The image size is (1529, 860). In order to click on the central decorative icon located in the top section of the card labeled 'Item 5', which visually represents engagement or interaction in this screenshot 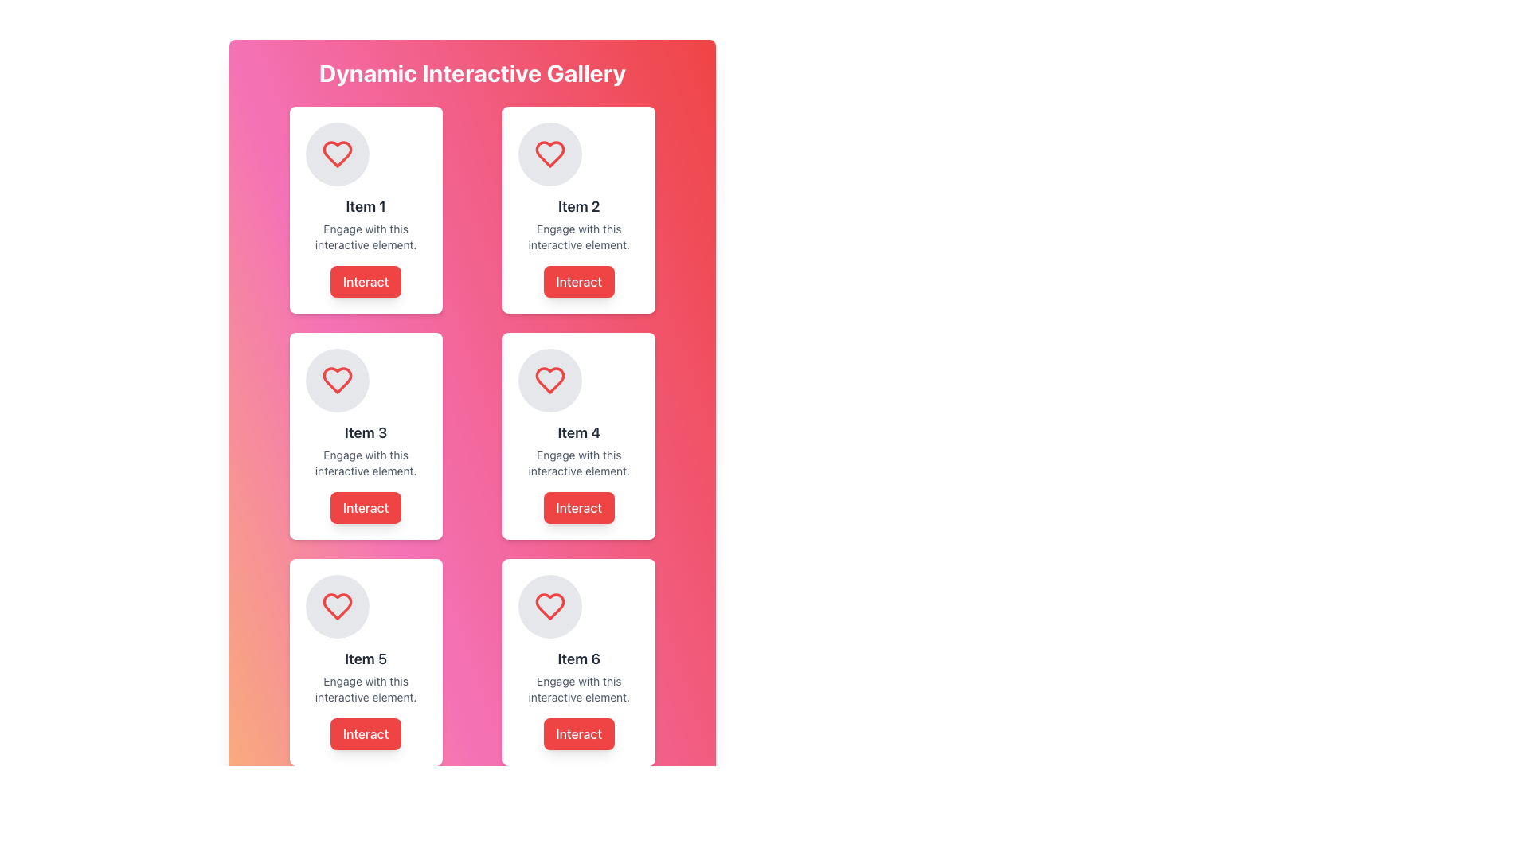, I will do `click(336, 607)`.